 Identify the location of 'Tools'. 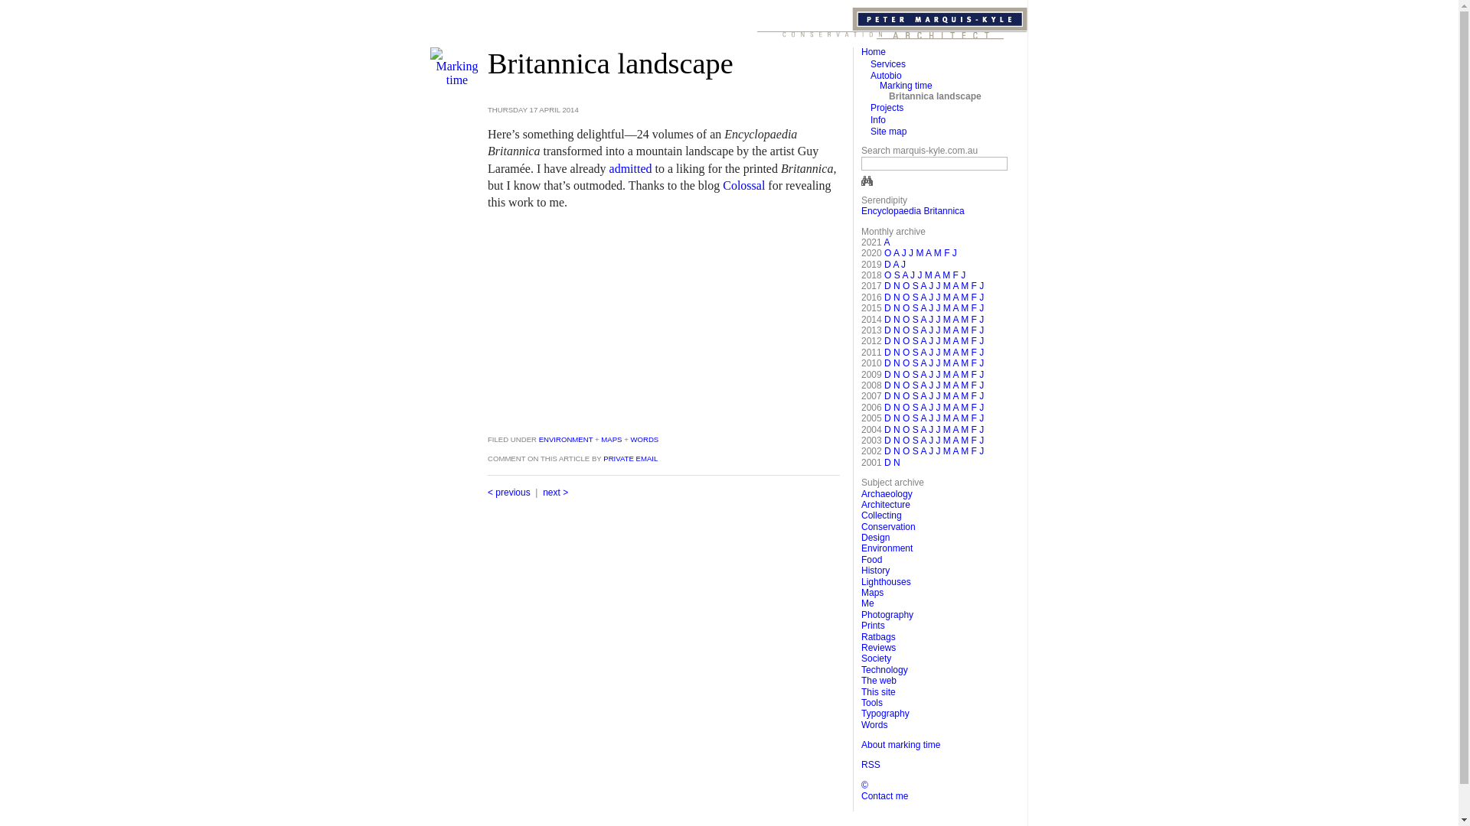
(871, 702).